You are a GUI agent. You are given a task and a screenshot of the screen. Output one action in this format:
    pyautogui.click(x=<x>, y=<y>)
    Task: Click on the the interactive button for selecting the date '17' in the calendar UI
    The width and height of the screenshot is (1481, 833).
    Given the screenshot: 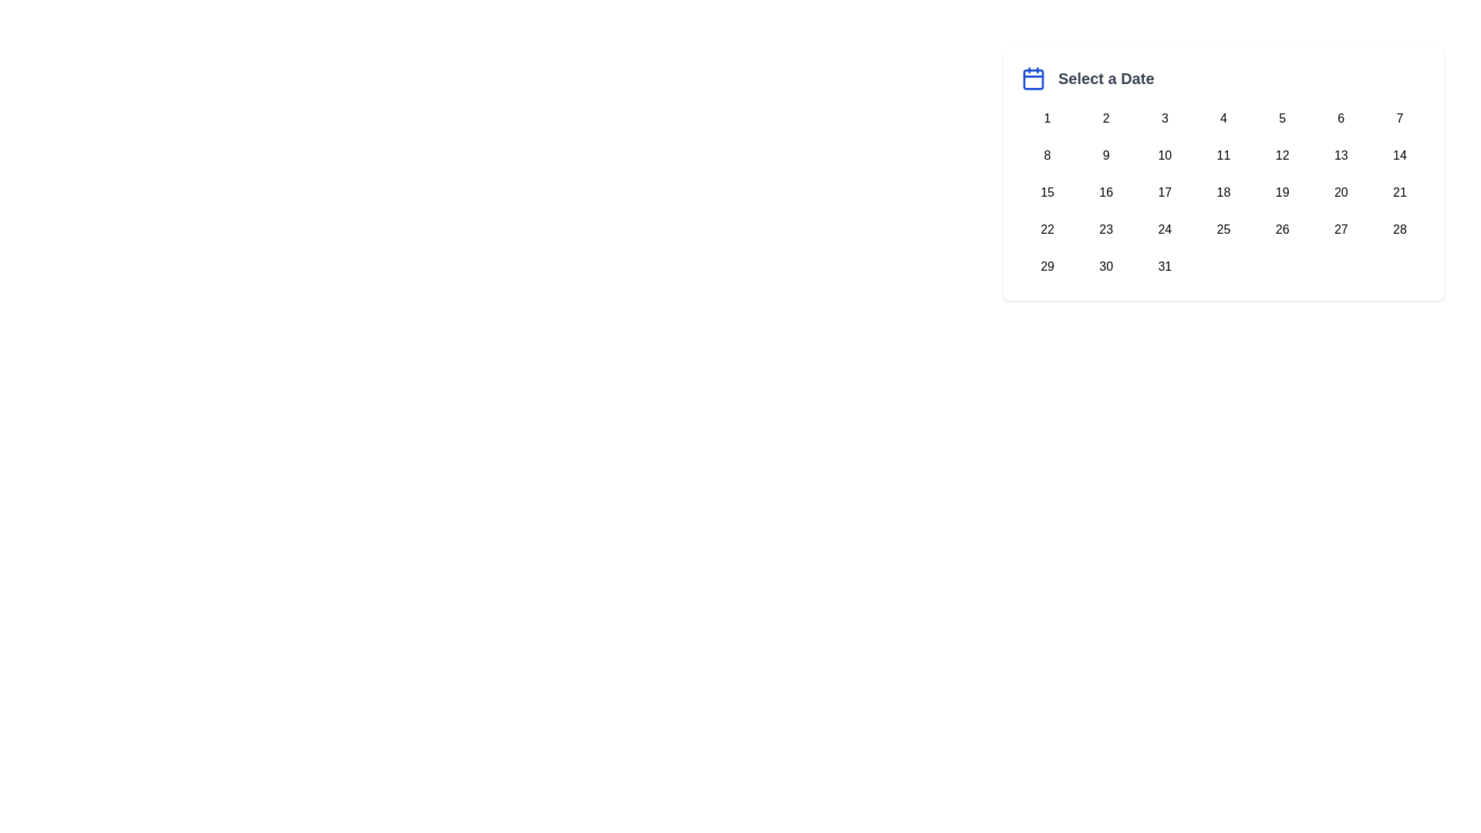 What is the action you would take?
    pyautogui.click(x=1165, y=192)
    